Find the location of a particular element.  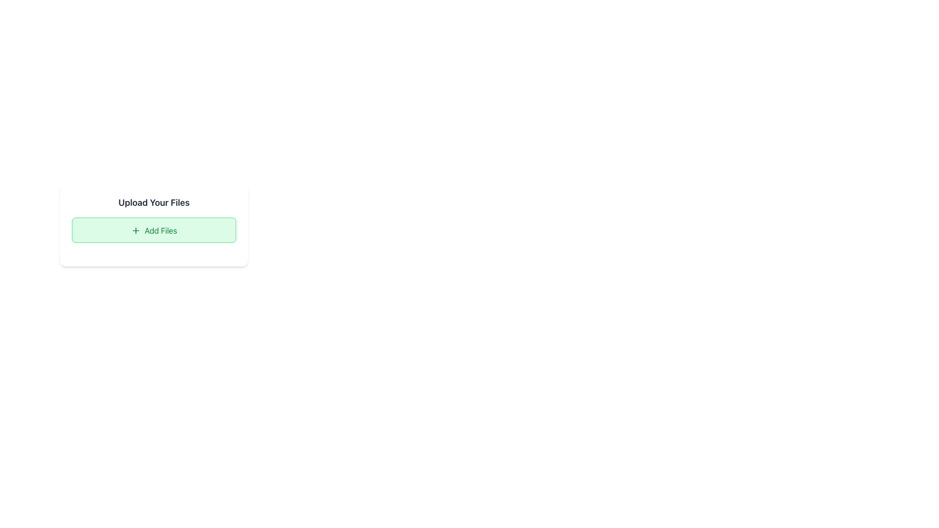

the centrally aligned text element that provides descriptive information for the associated UI component is located at coordinates (160, 230).